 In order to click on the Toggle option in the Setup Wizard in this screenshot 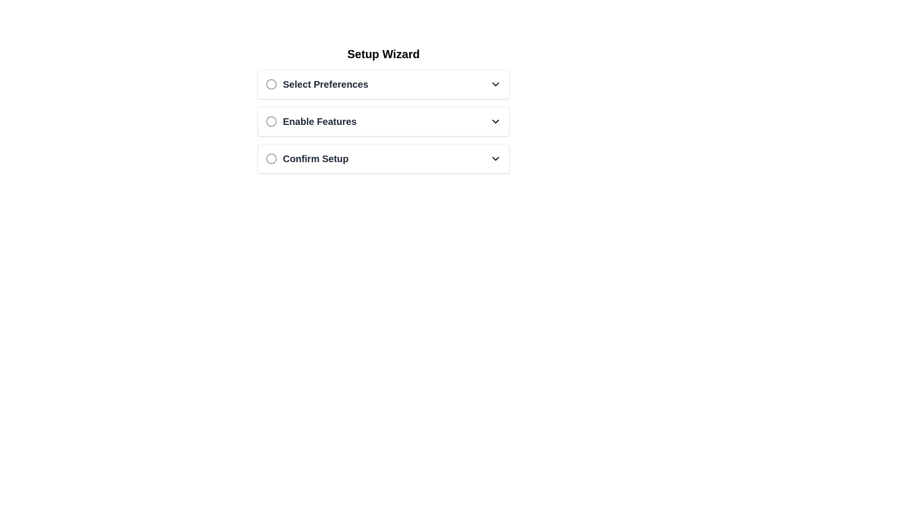, I will do `click(384, 121)`.